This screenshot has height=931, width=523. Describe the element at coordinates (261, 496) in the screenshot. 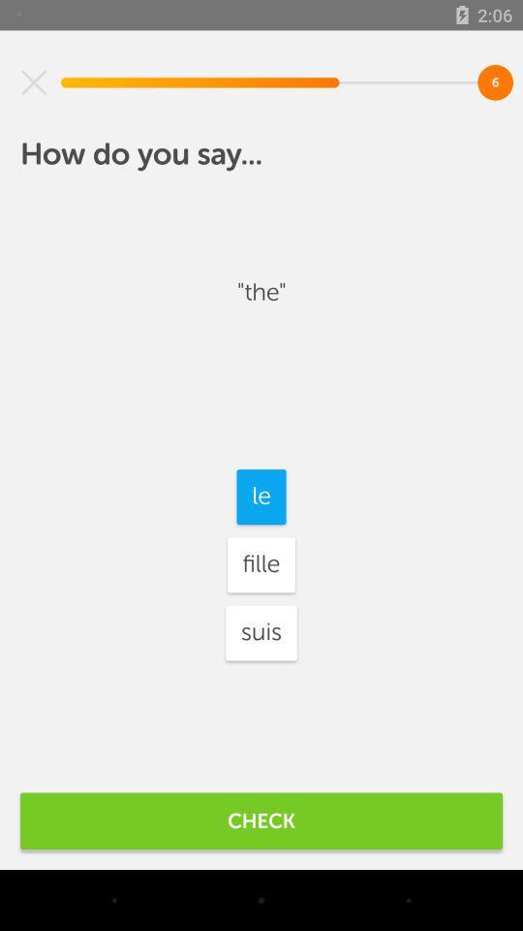

I see `icon above the fille icon` at that location.